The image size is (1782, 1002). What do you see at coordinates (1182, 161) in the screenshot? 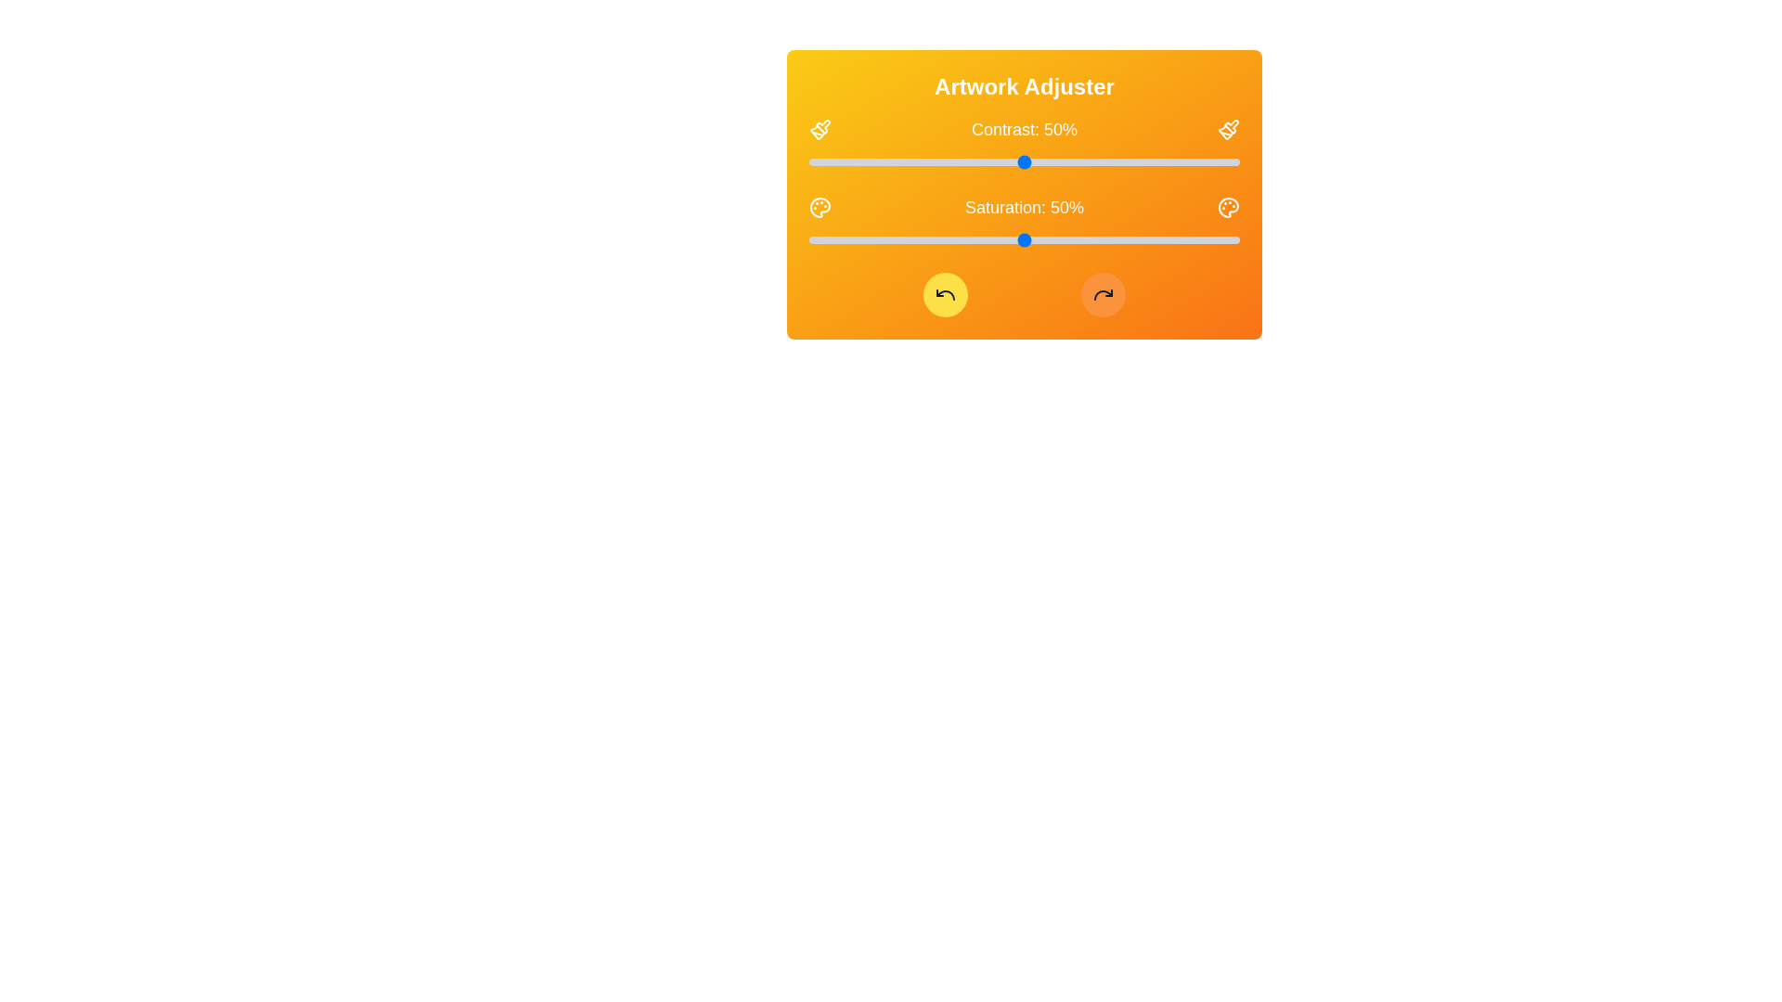
I see `the contrast slider to 87%` at bounding box center [1182, 161].